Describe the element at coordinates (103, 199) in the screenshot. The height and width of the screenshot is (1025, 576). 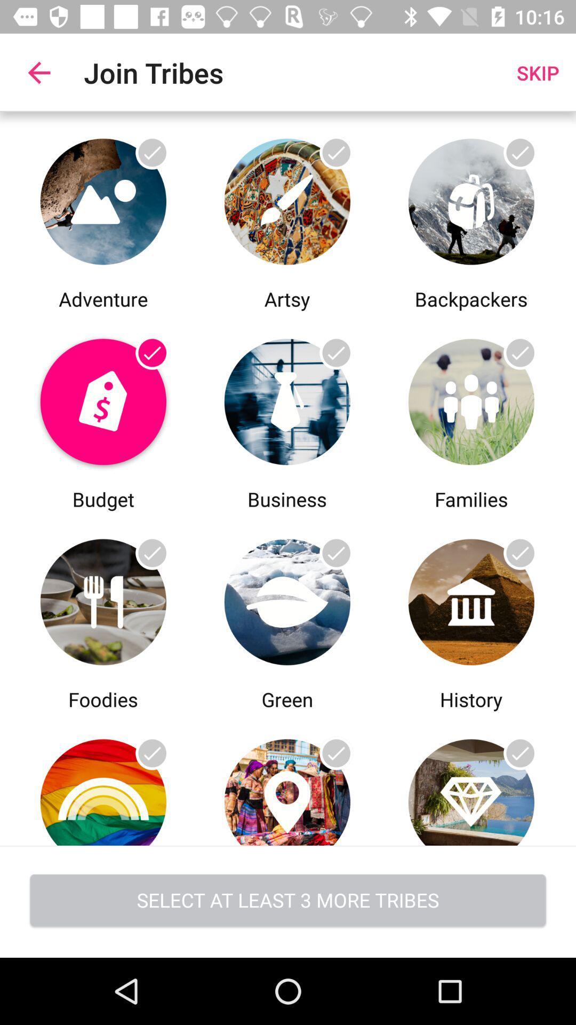
I see `go on adventure option` at that location.